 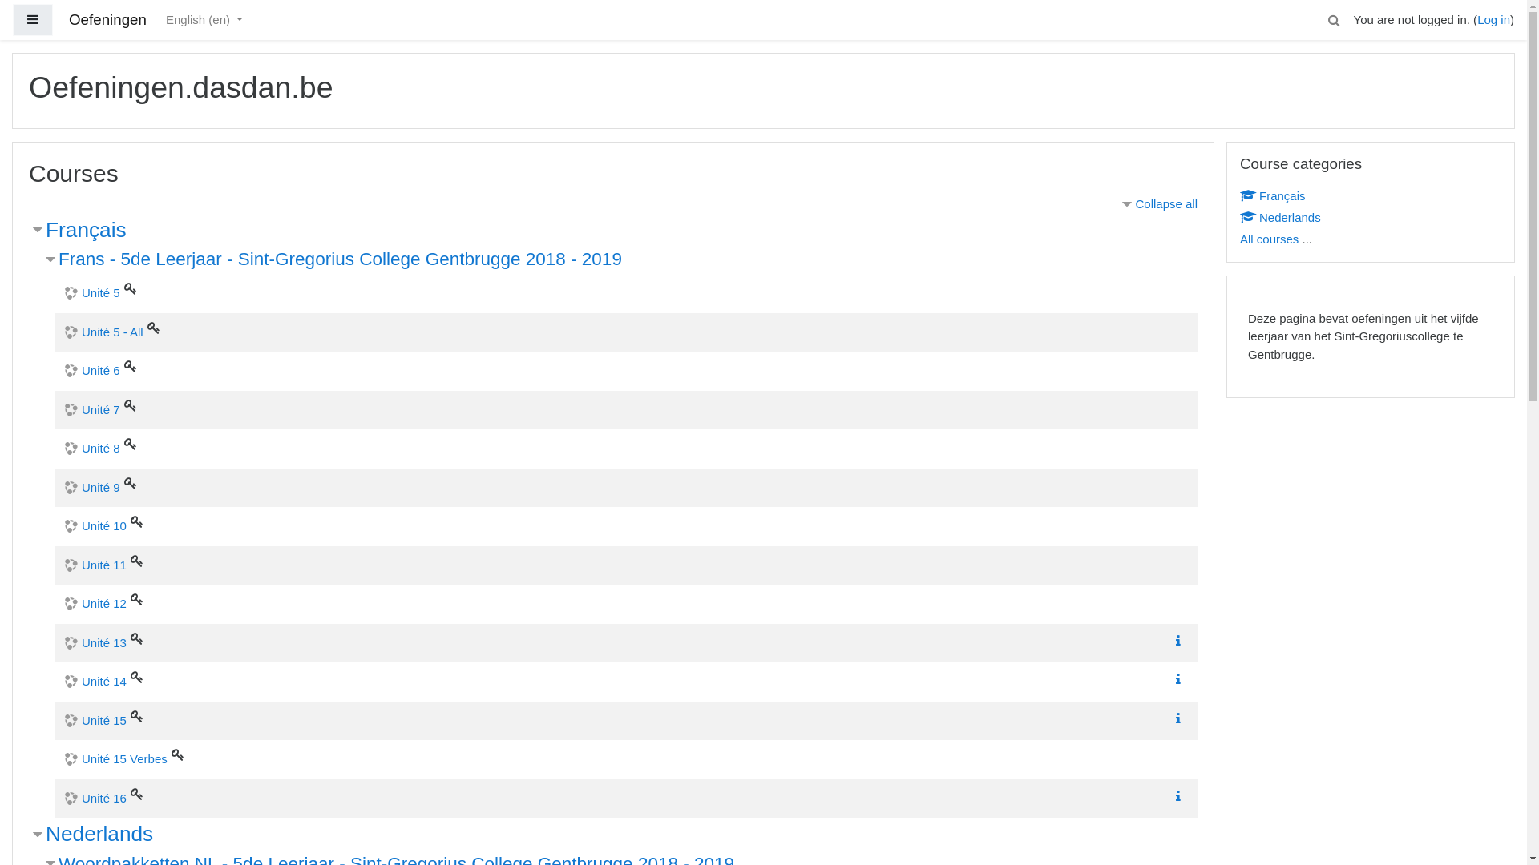 I want to click on 'Summary', so click(x=1181, y=679).